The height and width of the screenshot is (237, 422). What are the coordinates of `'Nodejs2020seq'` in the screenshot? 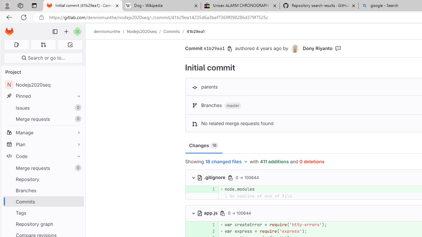 It's located at (141, 31).